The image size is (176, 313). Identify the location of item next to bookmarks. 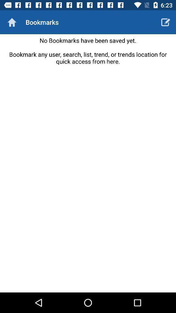
(12, 22).